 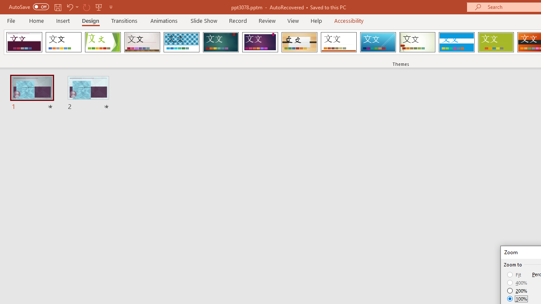 What do you see at coordinates (514, 274) in the screenshot?
I see `'Fit'` at bounding box center [514, 274].